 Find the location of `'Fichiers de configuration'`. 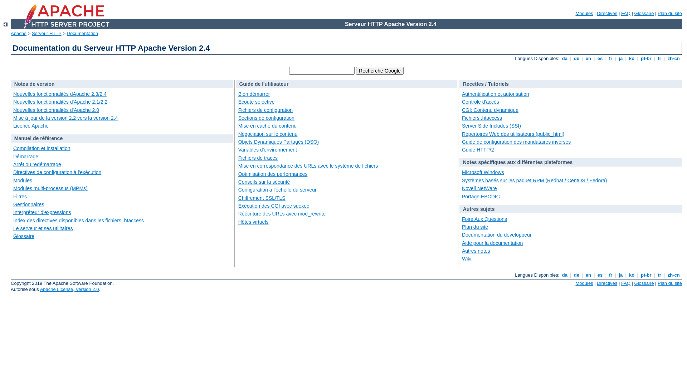

'Fichiers de configuration' is located at coordinates (265, 110).